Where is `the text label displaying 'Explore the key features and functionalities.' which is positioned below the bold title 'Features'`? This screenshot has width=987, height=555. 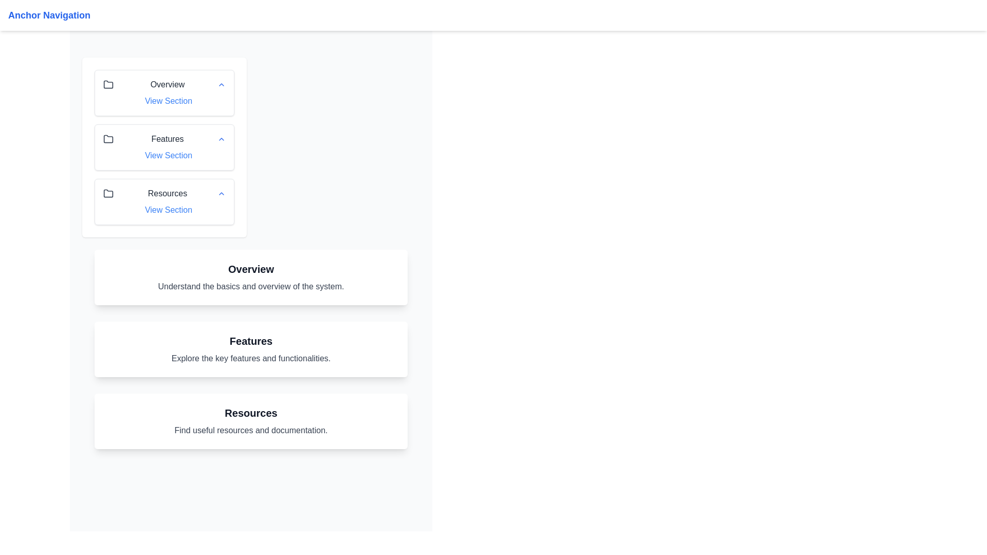
the text label displaying 'Explore the key features and functionalities.' which is positioned below the bold title 'Features' is located at coordinates (251, 358).